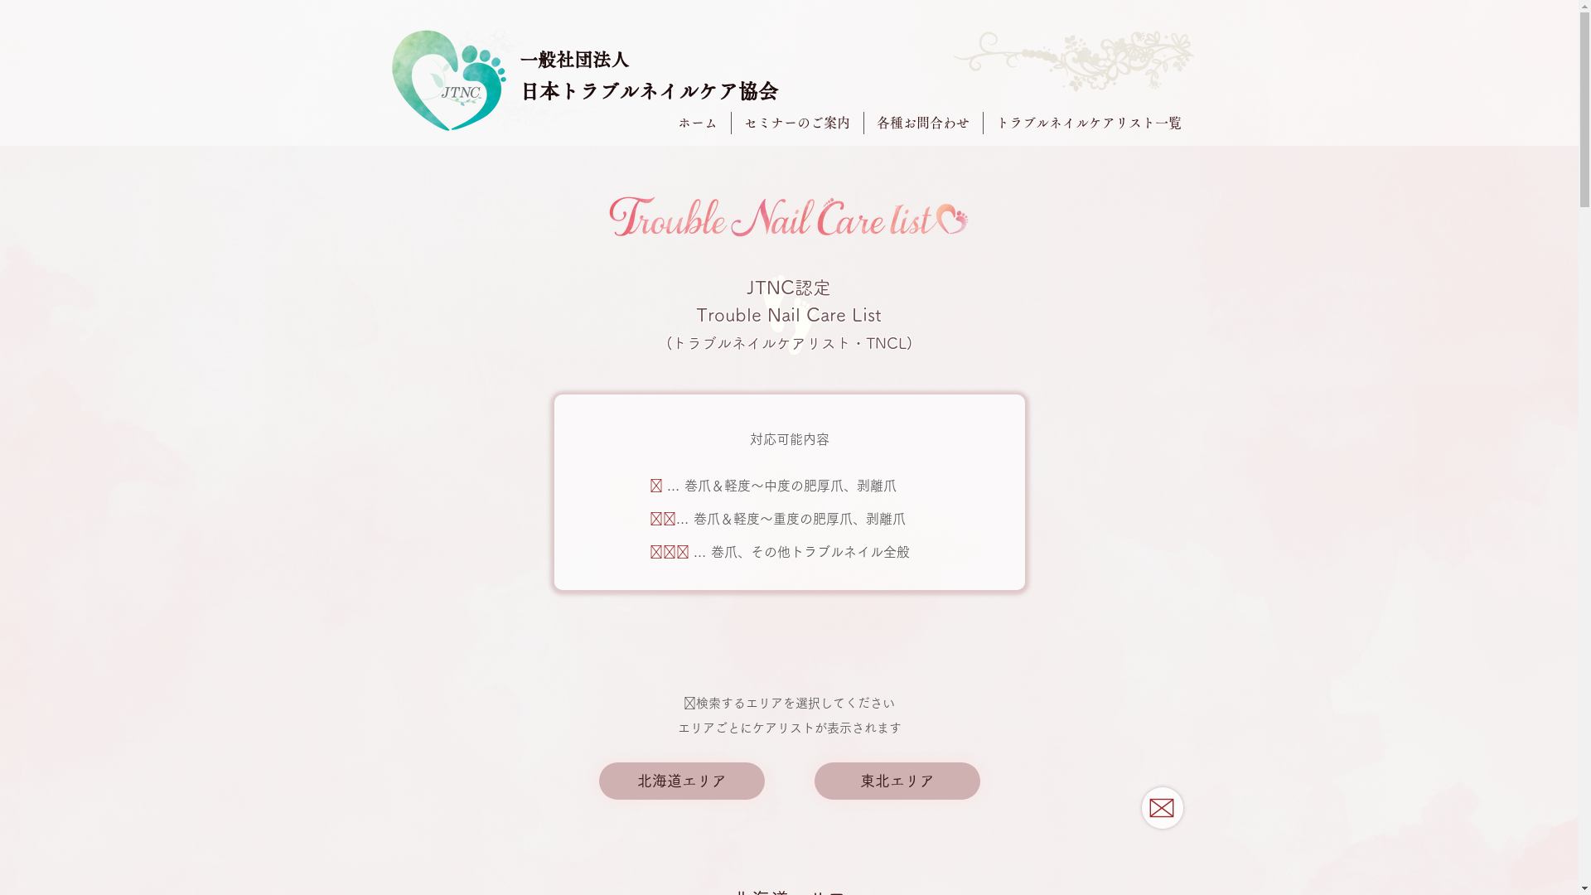  What do you see at coordinates (448, 80) in the screenshot?
I see `'MinamoNail JTNC_LOGO_11markmain.png'` at bounding box center [448, 80].